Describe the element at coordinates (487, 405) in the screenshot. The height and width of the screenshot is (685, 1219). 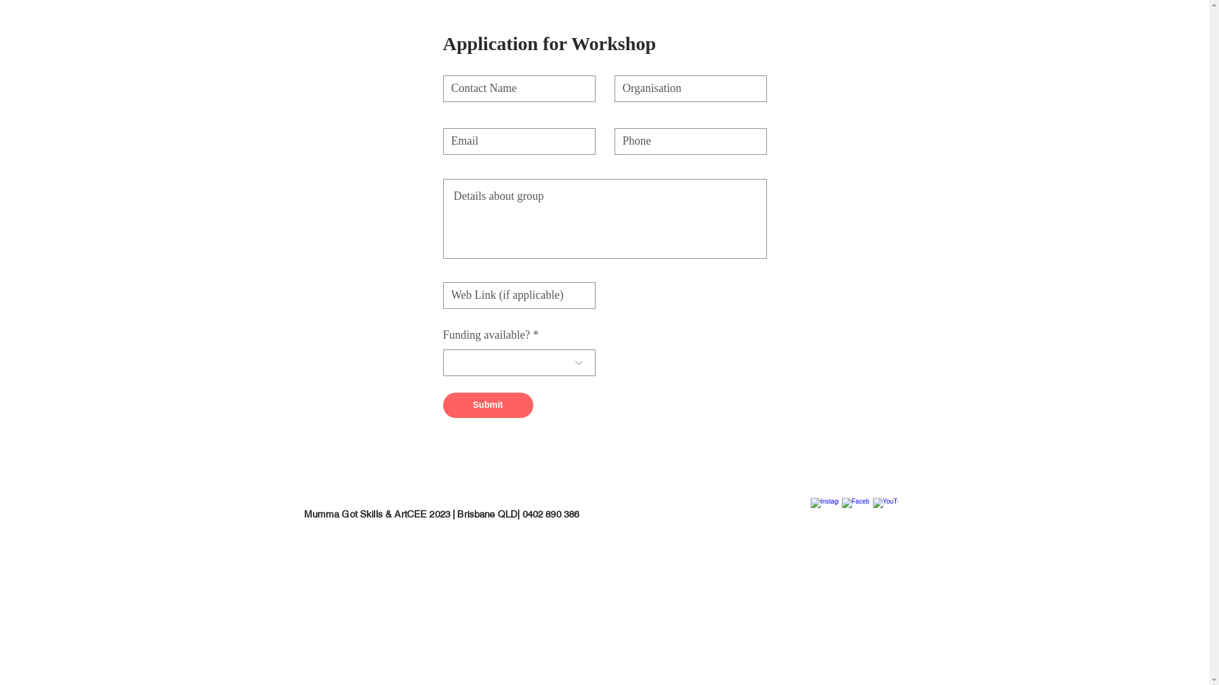
I see `'Submit'` at that location.